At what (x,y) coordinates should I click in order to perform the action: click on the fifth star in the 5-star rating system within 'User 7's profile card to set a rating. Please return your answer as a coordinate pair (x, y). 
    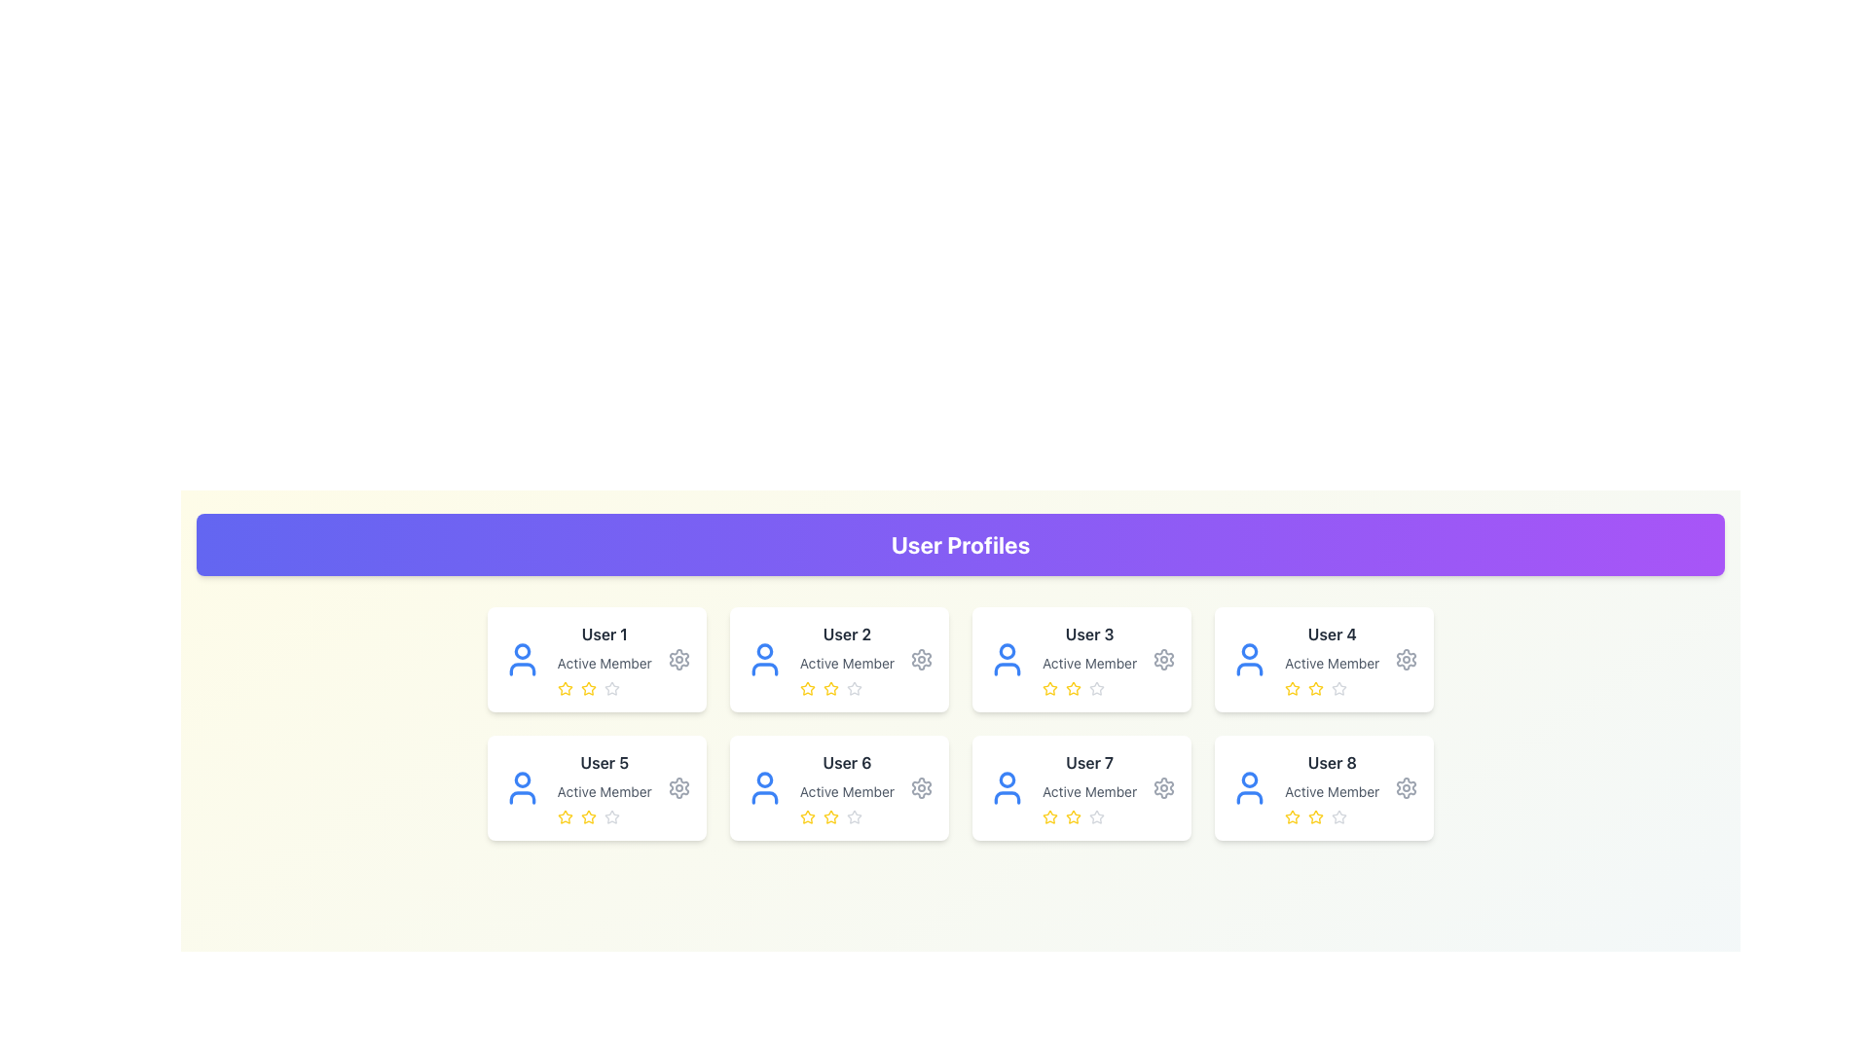
    Looking at the image, I should click on (1097, 817).